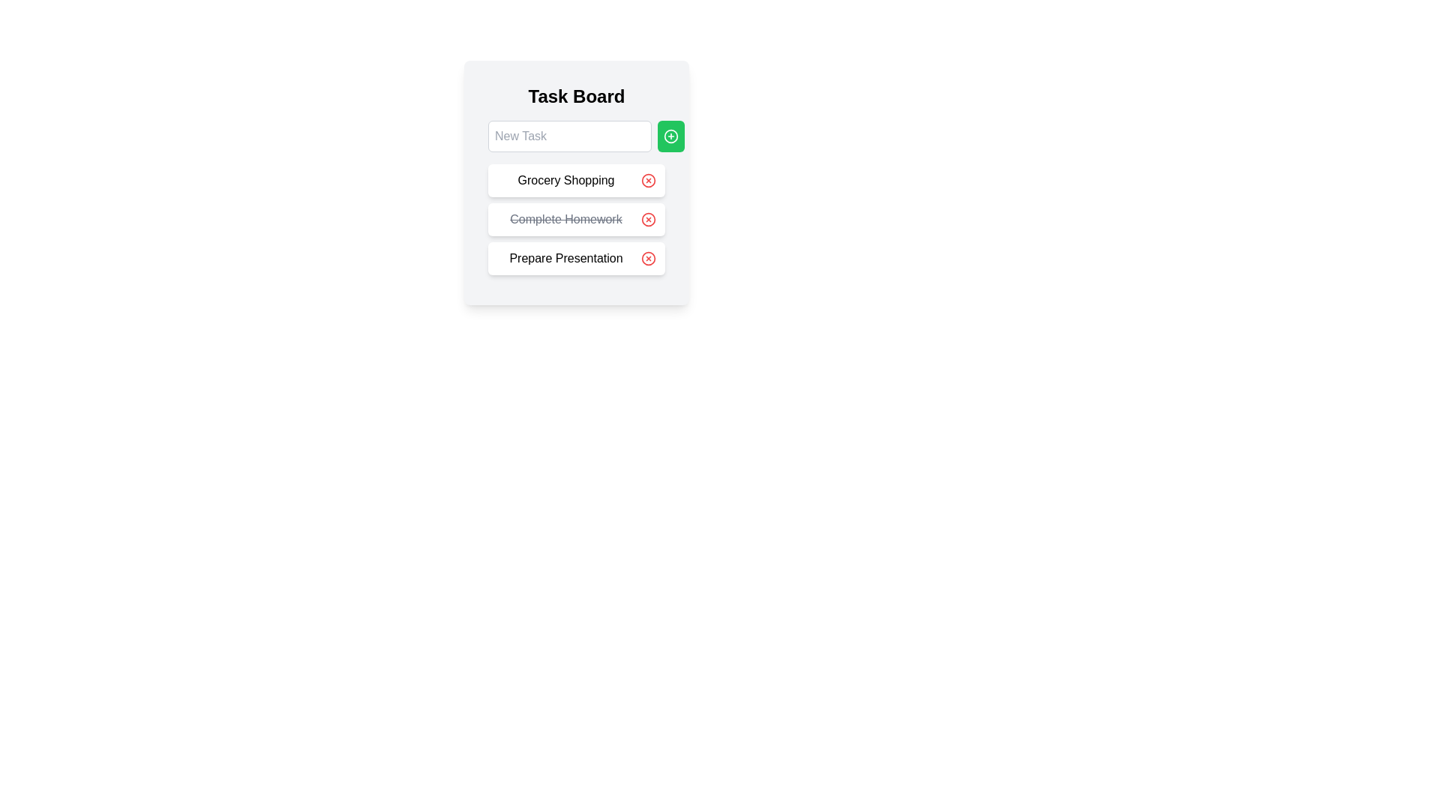  Describe the element at coordinates (565, 179) in the screenshot. I see `the 'Grocery Shopping' static text display for accessibility navigation` at that location.